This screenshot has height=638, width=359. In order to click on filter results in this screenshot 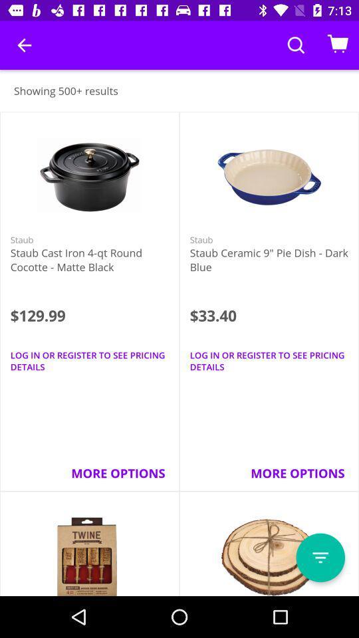, I will do `click(320, 558)`.